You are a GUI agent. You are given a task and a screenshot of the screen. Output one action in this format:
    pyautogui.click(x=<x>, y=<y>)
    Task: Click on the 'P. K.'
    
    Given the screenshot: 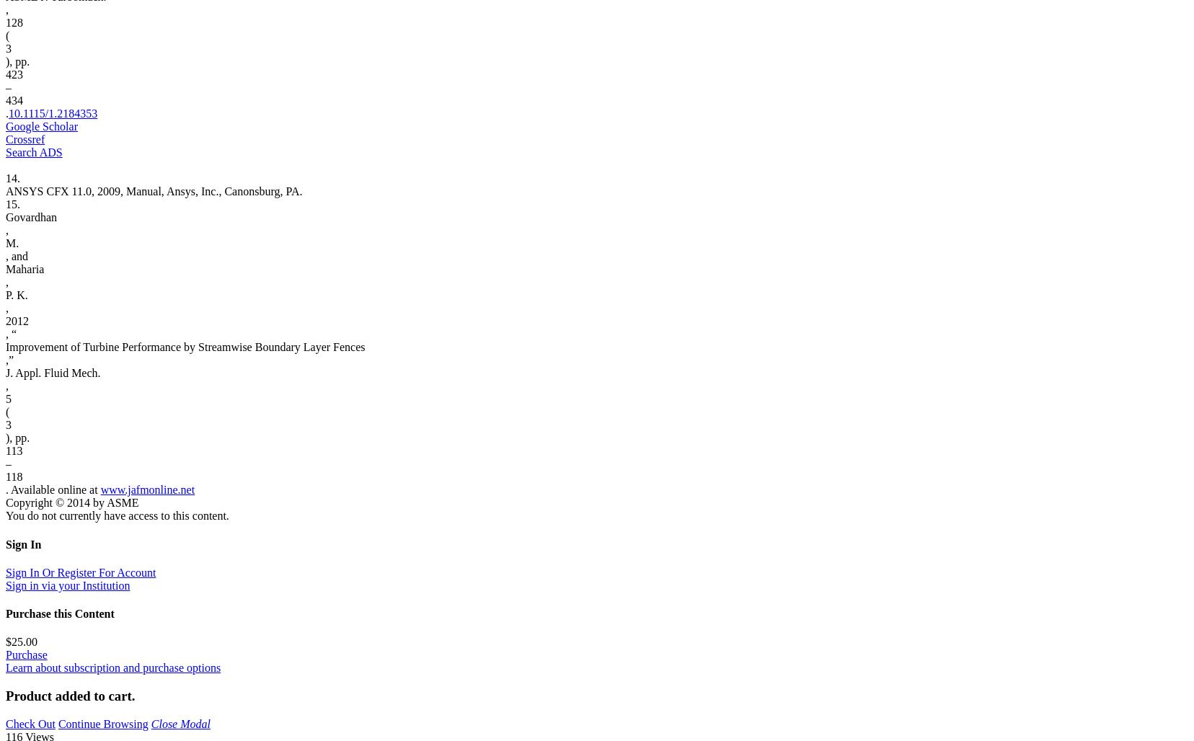 What is the action you would take?
    pyautogui.click(x=16, y=295)
    